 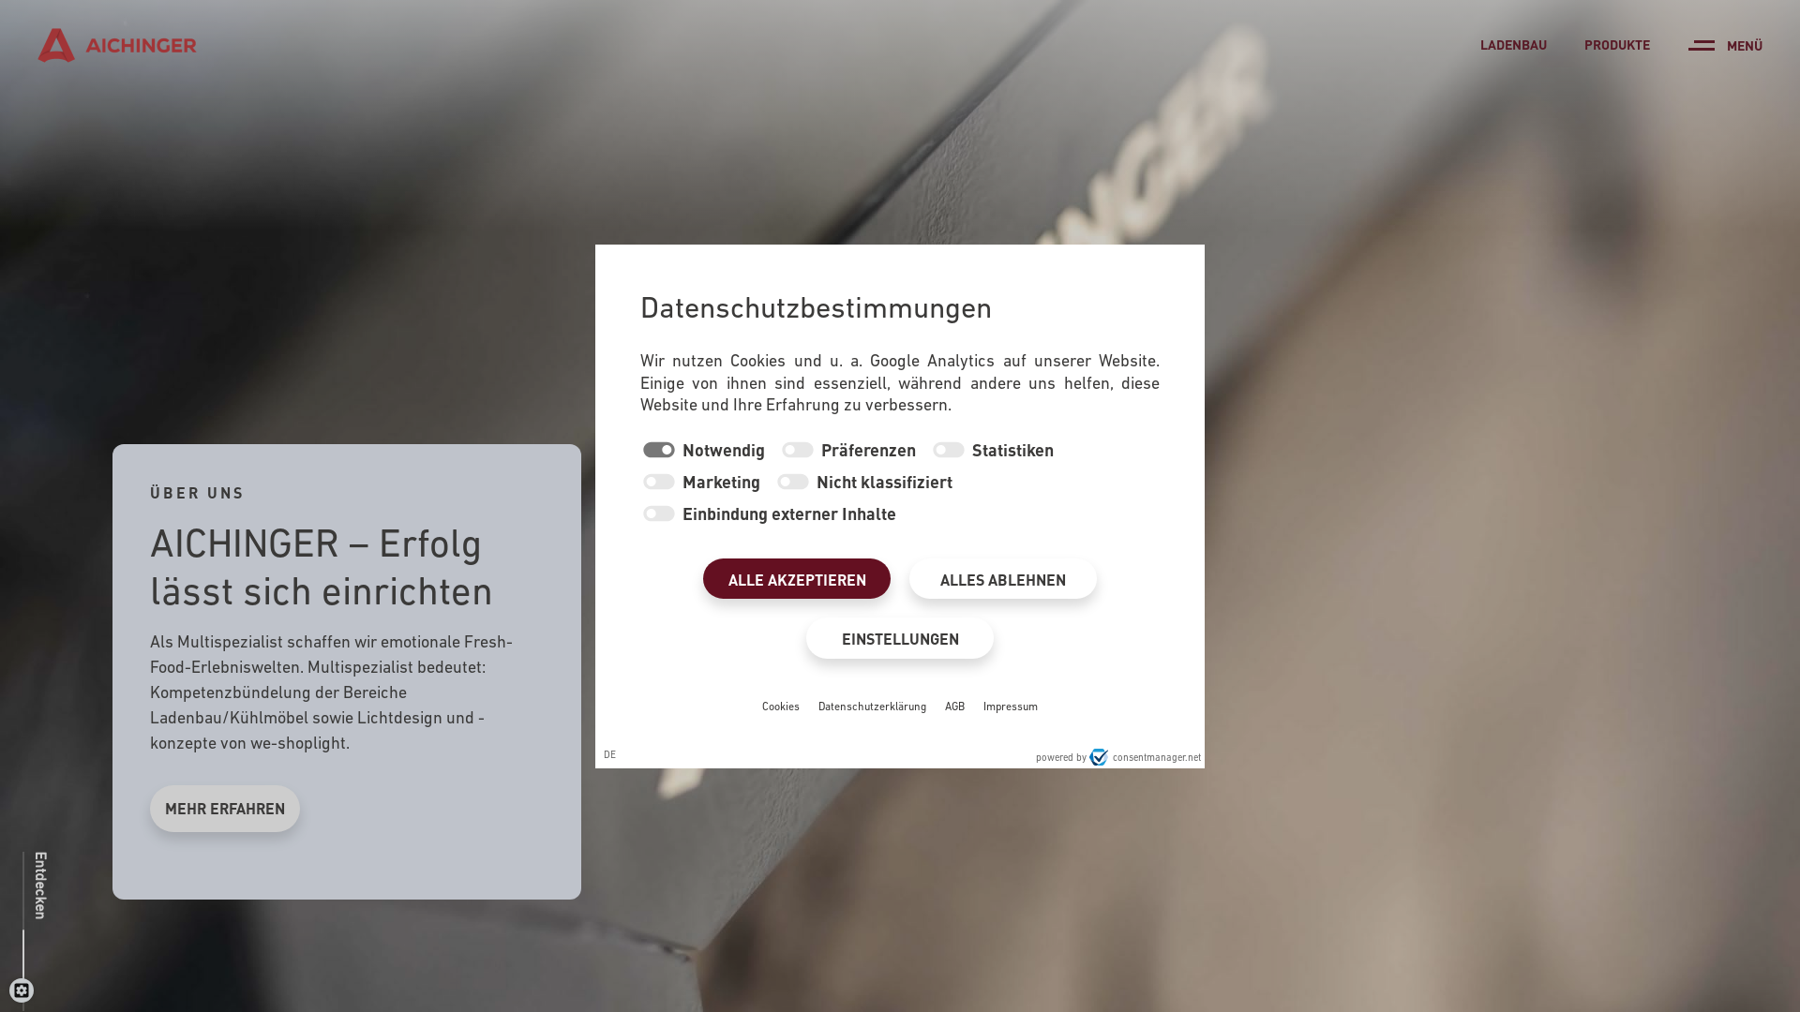 What do you see at coordinates (225, 808) in the screenshot?
I see `'MEHR ERFAHREN'` at bounding box center [225, 808].